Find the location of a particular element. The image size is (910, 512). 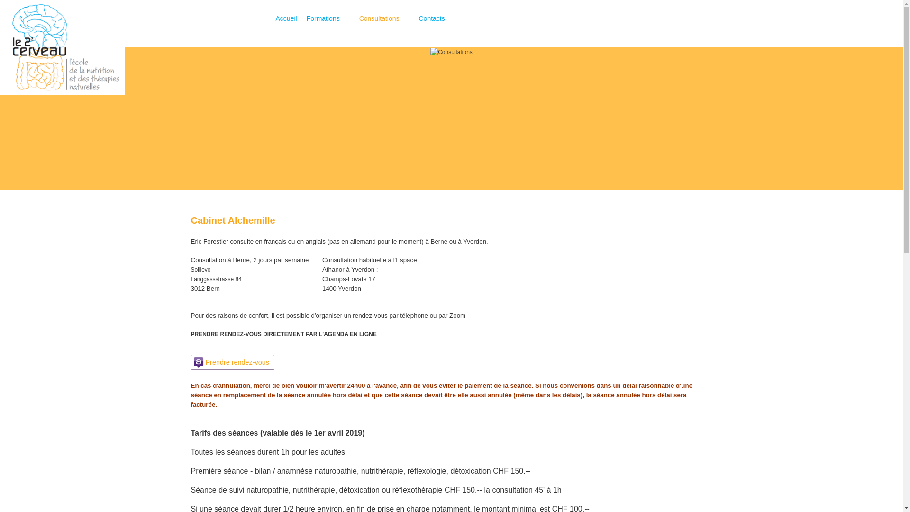

'Prendre rendez-vous' is located at coordinates (232, 362).